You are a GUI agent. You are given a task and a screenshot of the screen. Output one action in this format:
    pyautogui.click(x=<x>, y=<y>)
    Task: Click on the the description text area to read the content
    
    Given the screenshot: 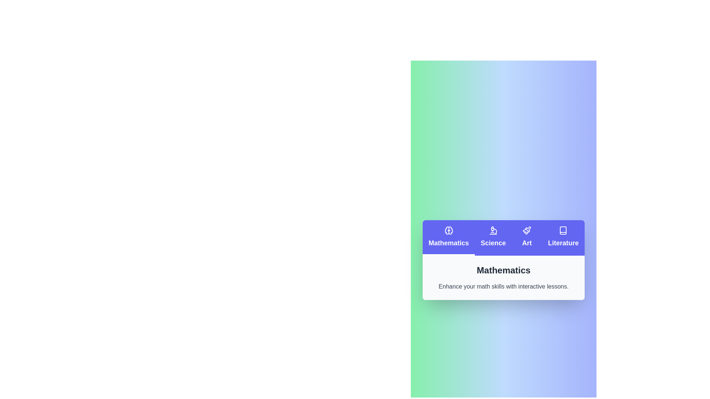 What is the action you would take?
    pyautogui.click(x=503, y=278)
    